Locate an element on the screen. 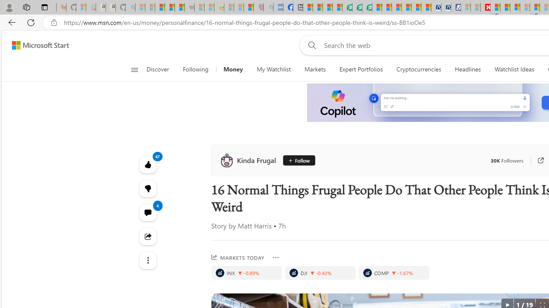 Image resolution: width=549 pixels, height=308 pixels. 'My Watchlist' is located at coordinates (273, 69).